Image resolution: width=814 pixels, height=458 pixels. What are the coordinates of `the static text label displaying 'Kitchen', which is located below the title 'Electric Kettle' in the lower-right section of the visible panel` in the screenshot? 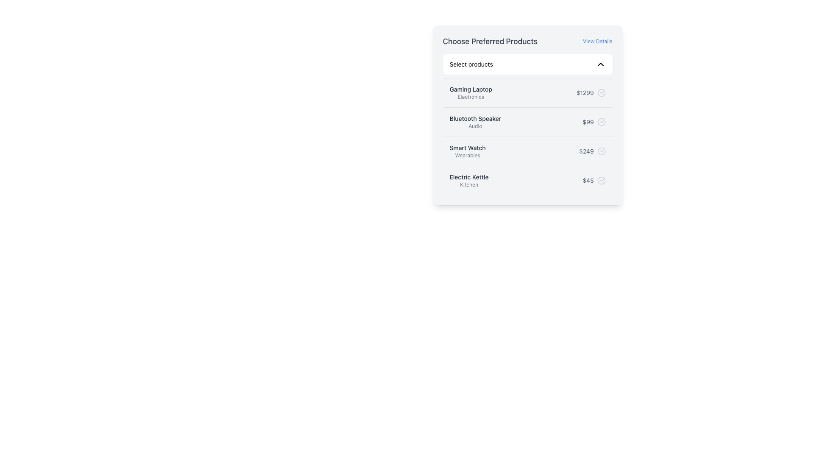 It's located at (468, 184).